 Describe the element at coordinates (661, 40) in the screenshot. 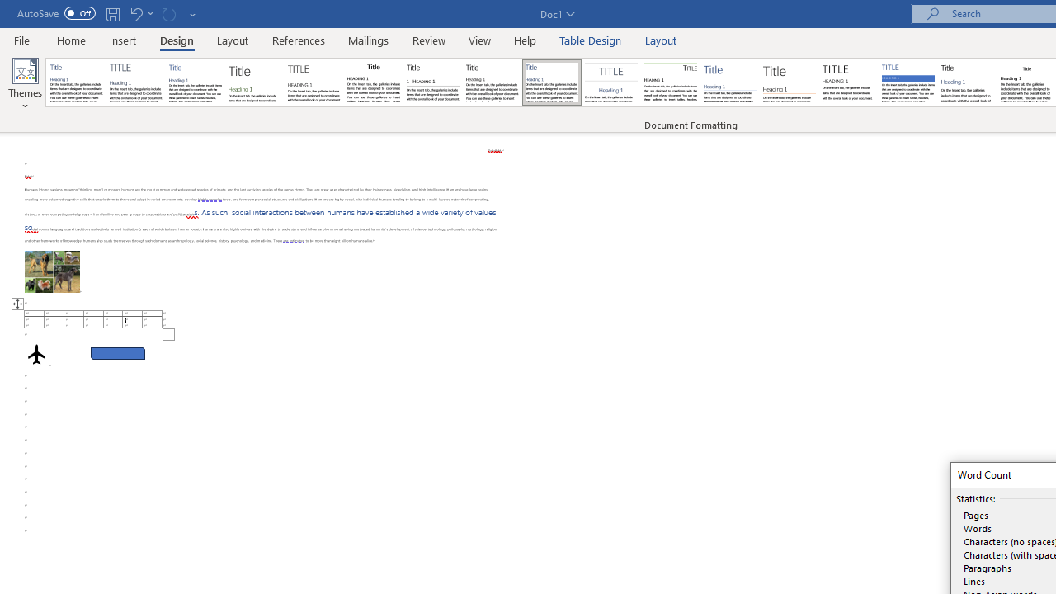

I see `'Layout'` at that location.